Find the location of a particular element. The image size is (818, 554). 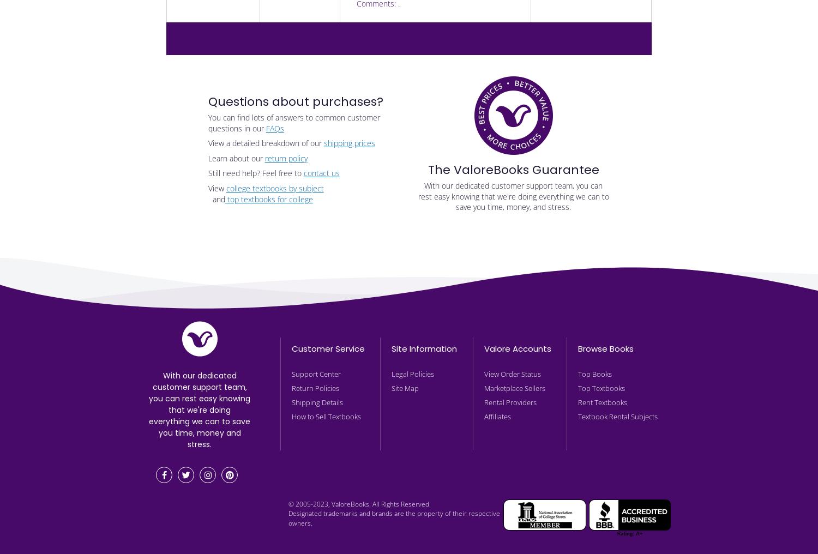

'Legal Policies' is located at coordinates (413, 374).